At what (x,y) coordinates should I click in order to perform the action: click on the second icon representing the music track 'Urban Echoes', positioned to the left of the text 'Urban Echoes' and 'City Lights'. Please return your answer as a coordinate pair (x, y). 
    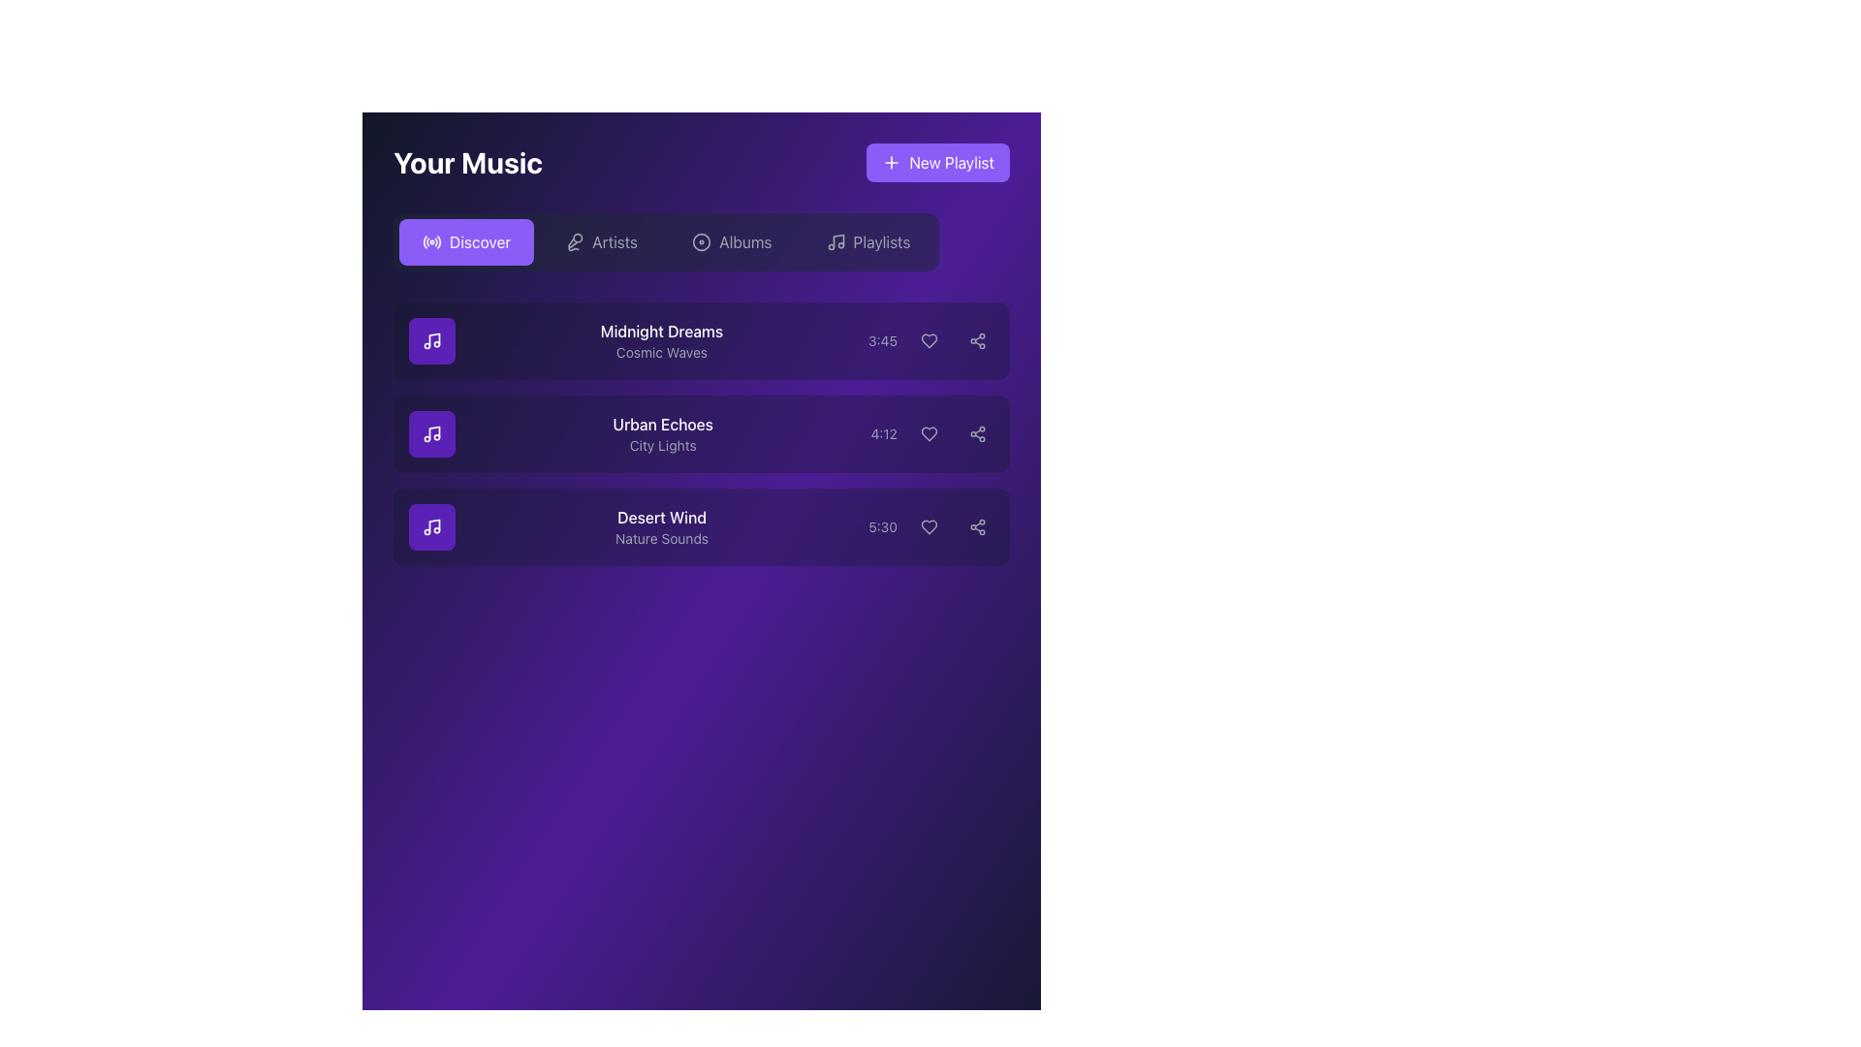
    Looking at the image, I should click on (431, 432).